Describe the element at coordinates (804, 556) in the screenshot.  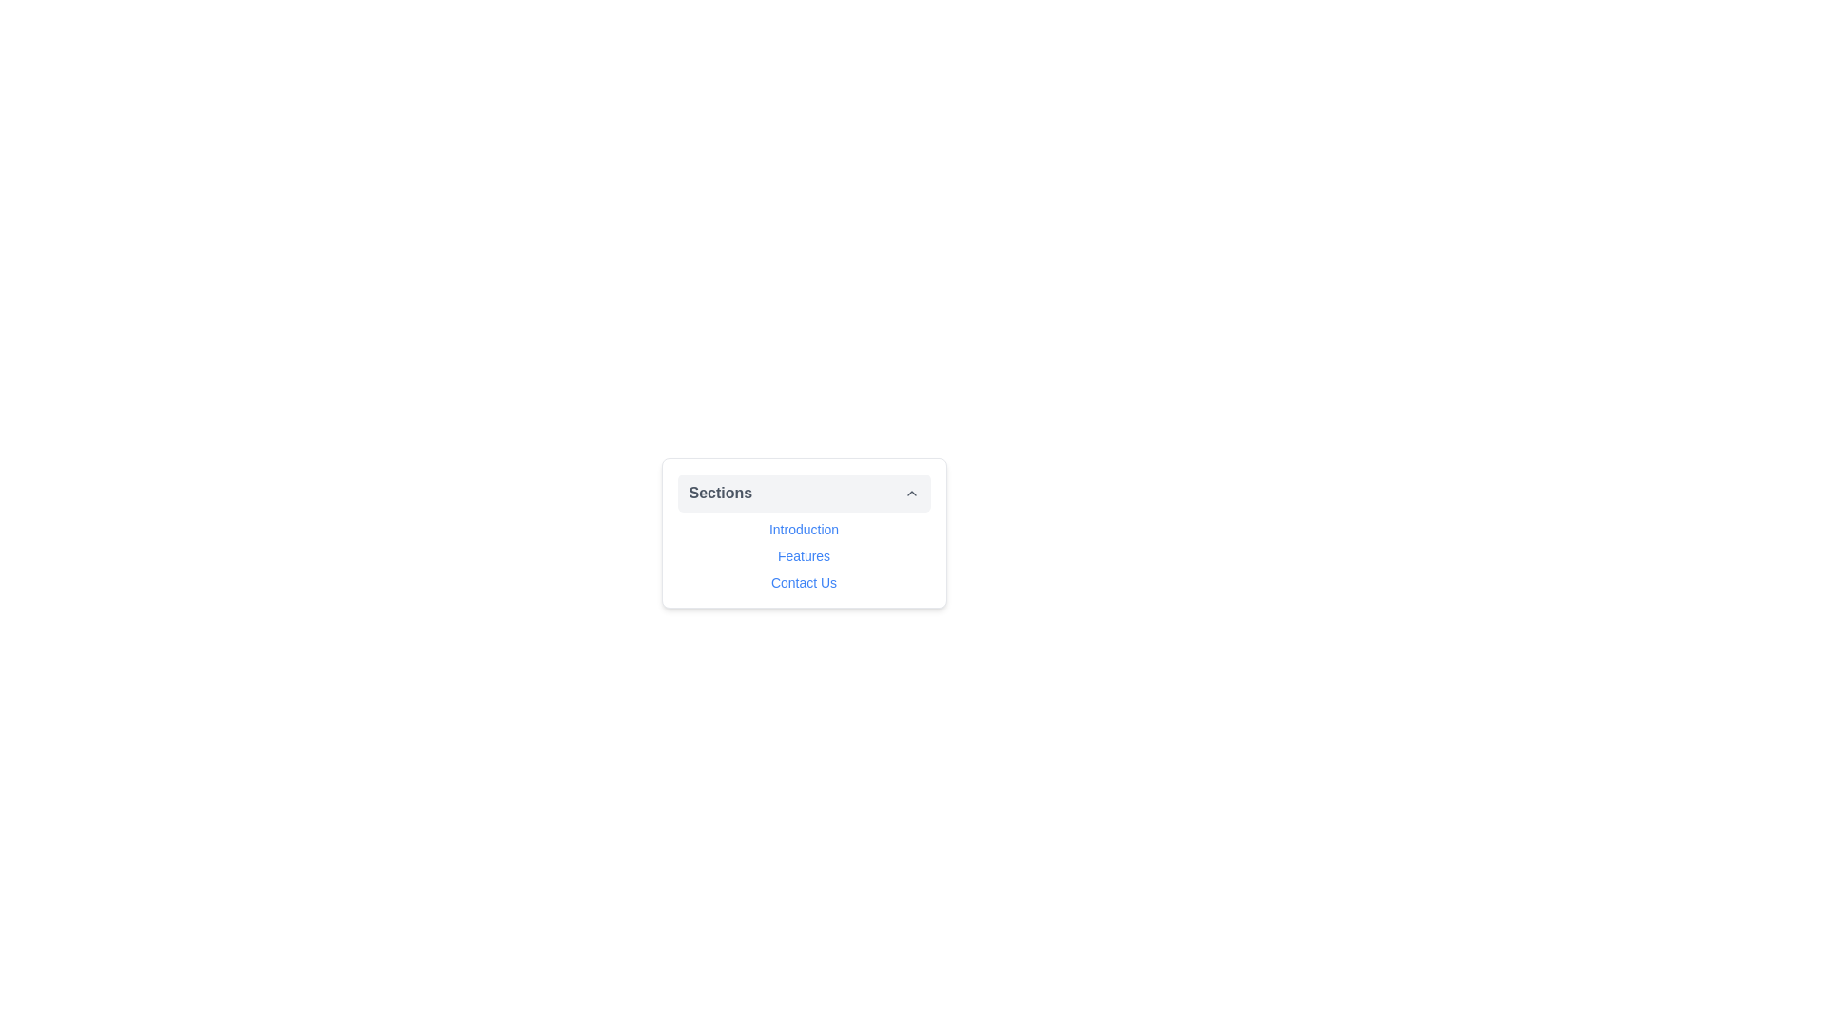
I see `the 'Features' link in the interactive list of navigation links located below the 'Sections' heading` at that location.